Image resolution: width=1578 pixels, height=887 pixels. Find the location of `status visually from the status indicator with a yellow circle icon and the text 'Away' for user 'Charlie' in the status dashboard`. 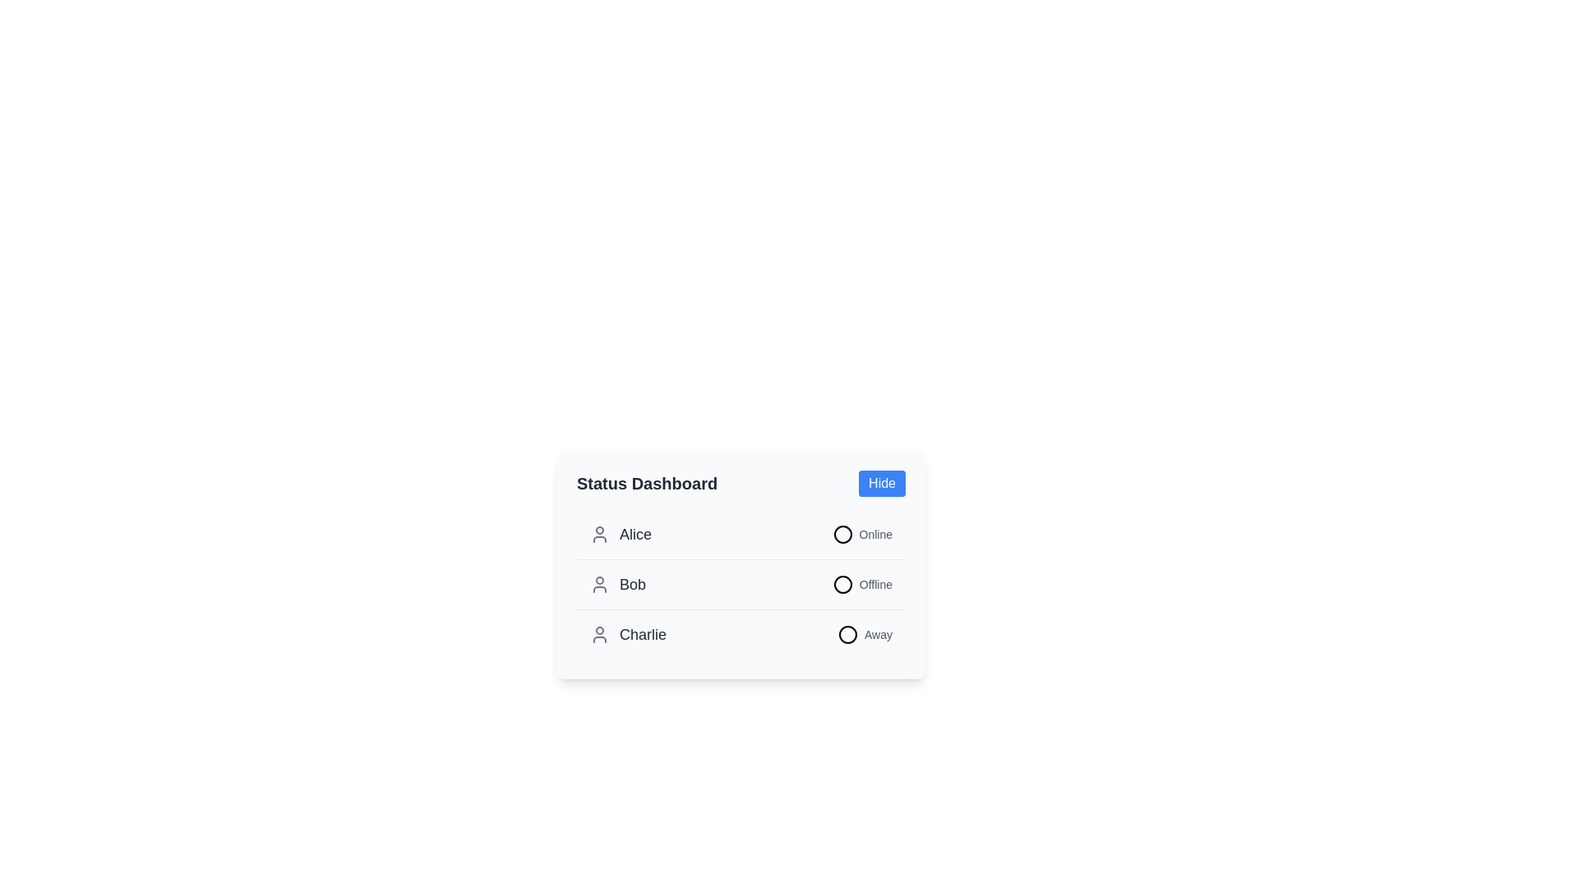

status visually from the status indicator with a yellow circle icon and the text 'Away' for user 'Charlie' in the status dashboard is located at coordinates (864, 633).